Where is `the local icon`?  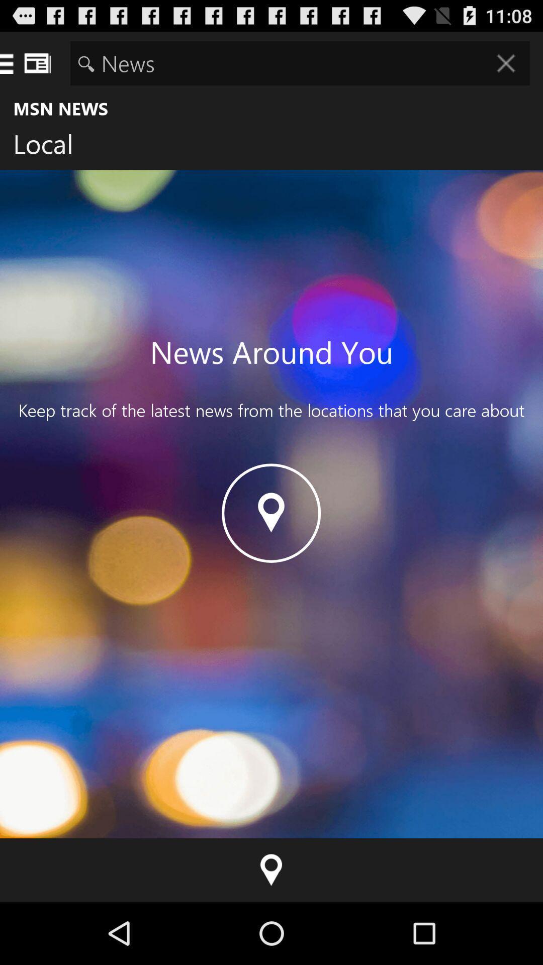
the local icon is located at coordinates (51, 146).